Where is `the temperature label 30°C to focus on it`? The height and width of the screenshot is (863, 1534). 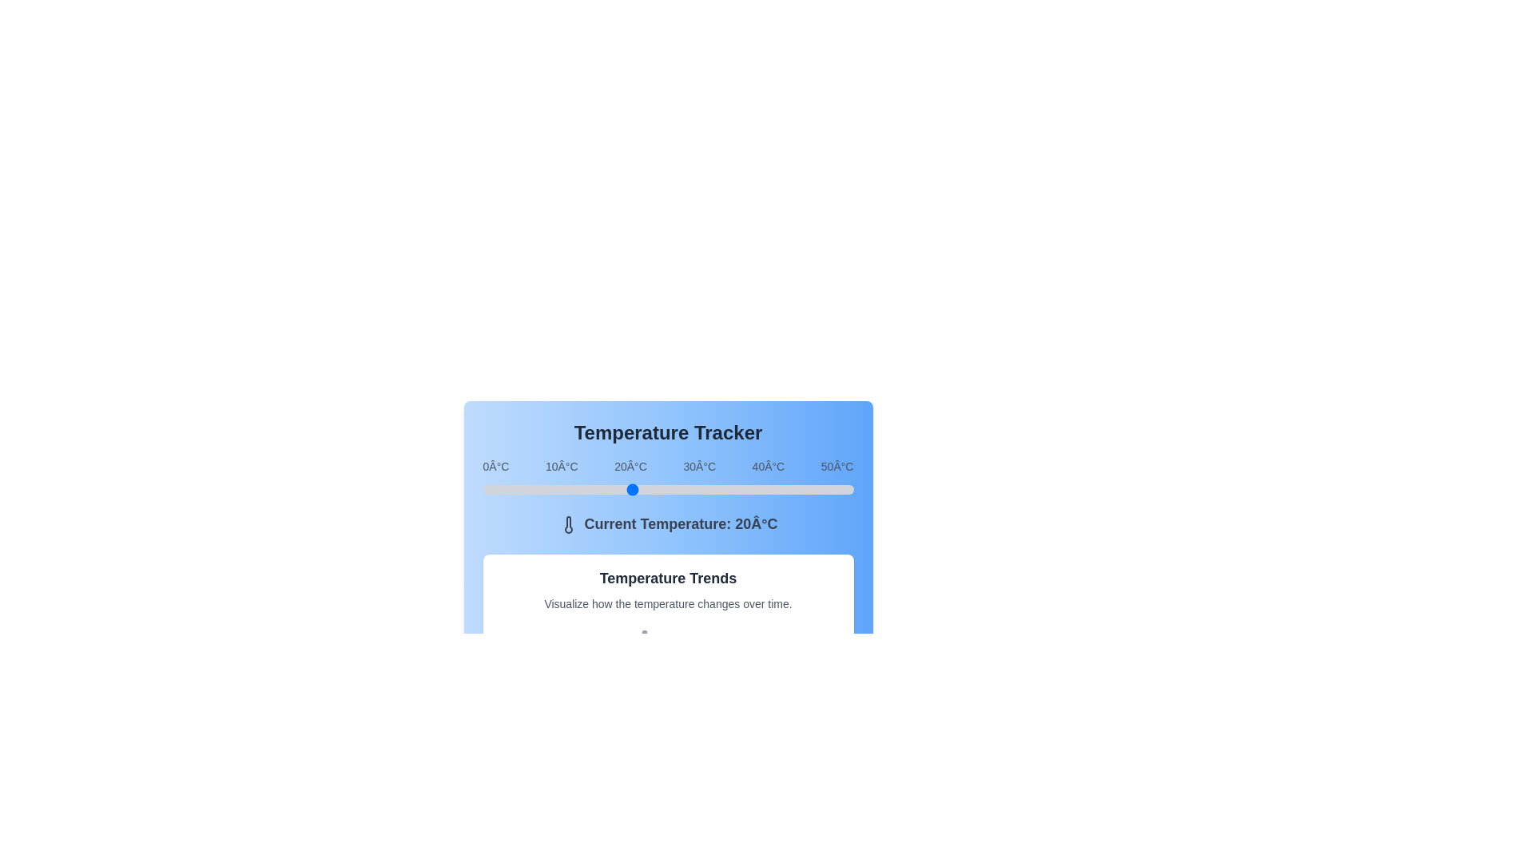 the temperature label 30°C to focus on it is located at coordinates (699, 466).